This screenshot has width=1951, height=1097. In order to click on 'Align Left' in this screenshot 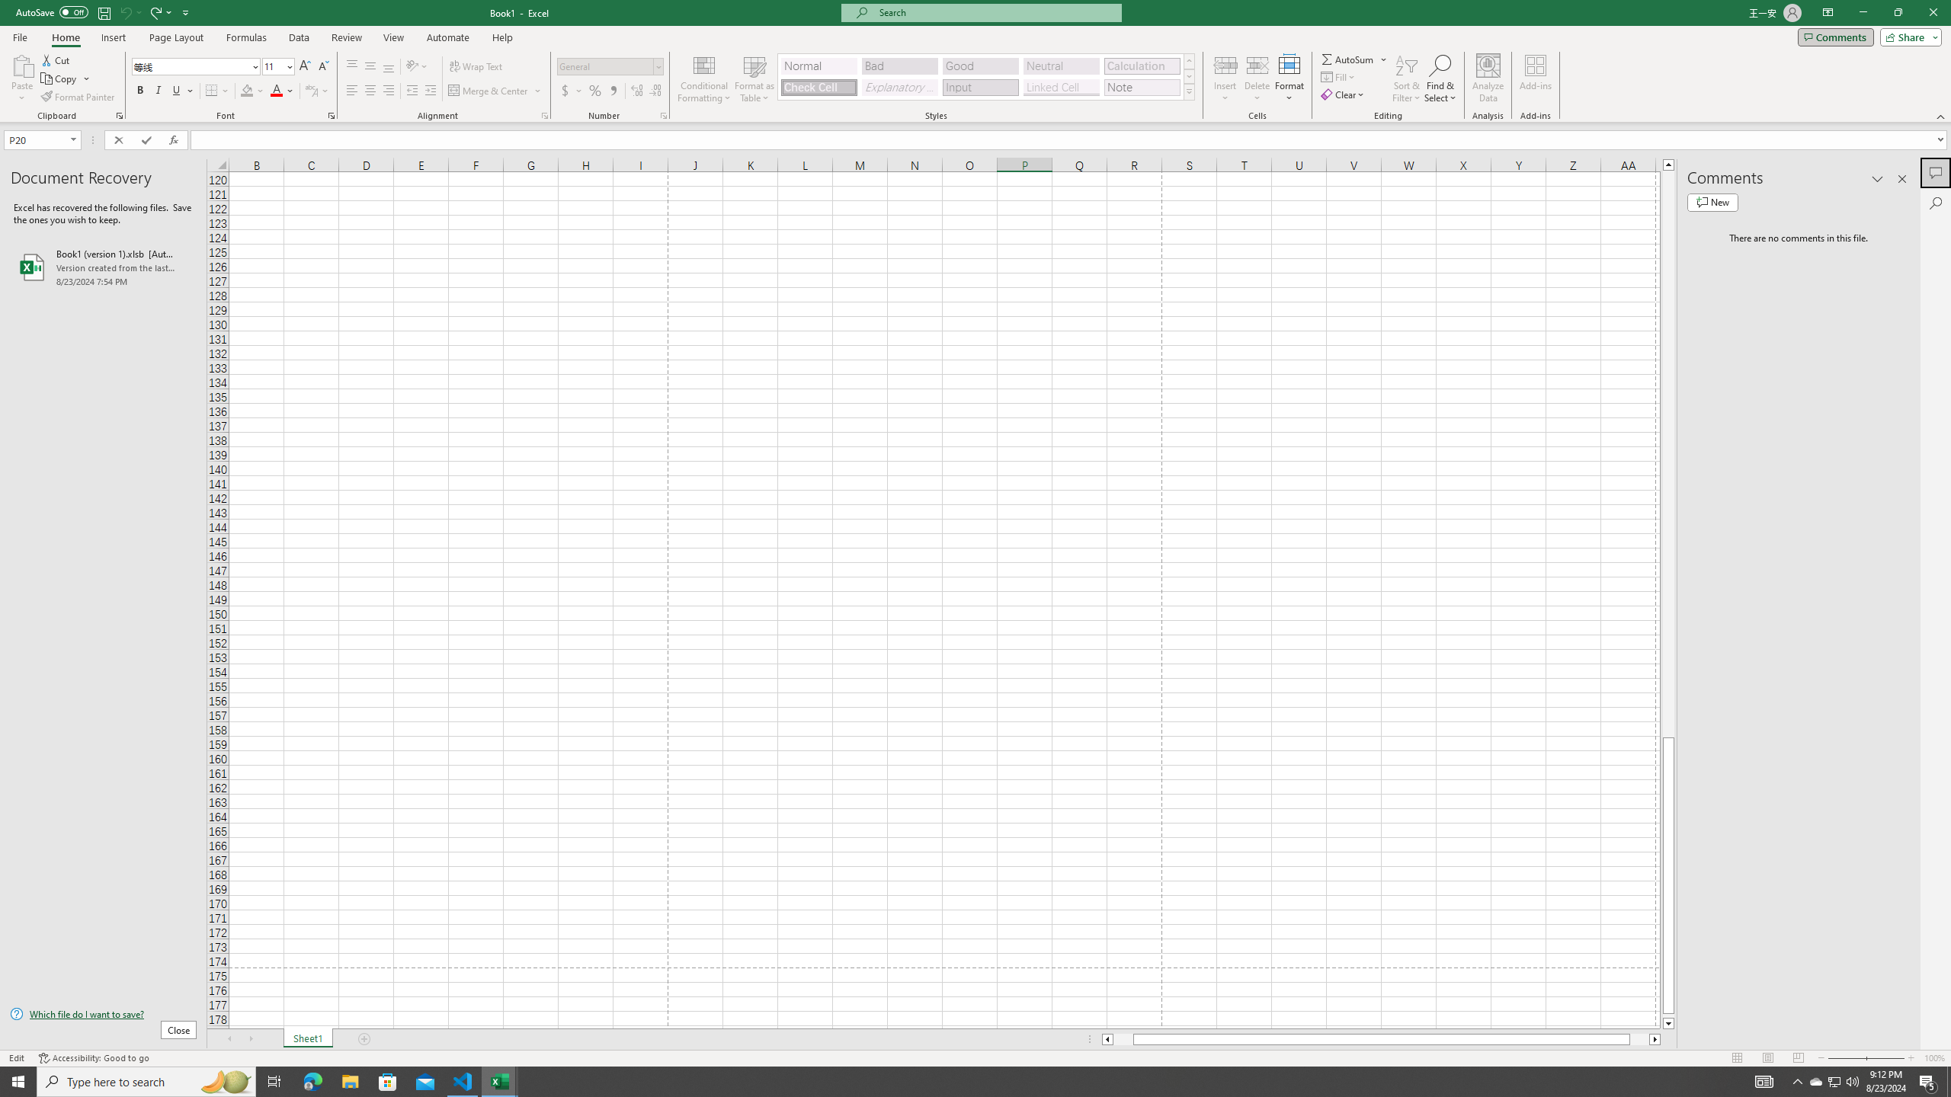, I will do `click(351, 90)`.